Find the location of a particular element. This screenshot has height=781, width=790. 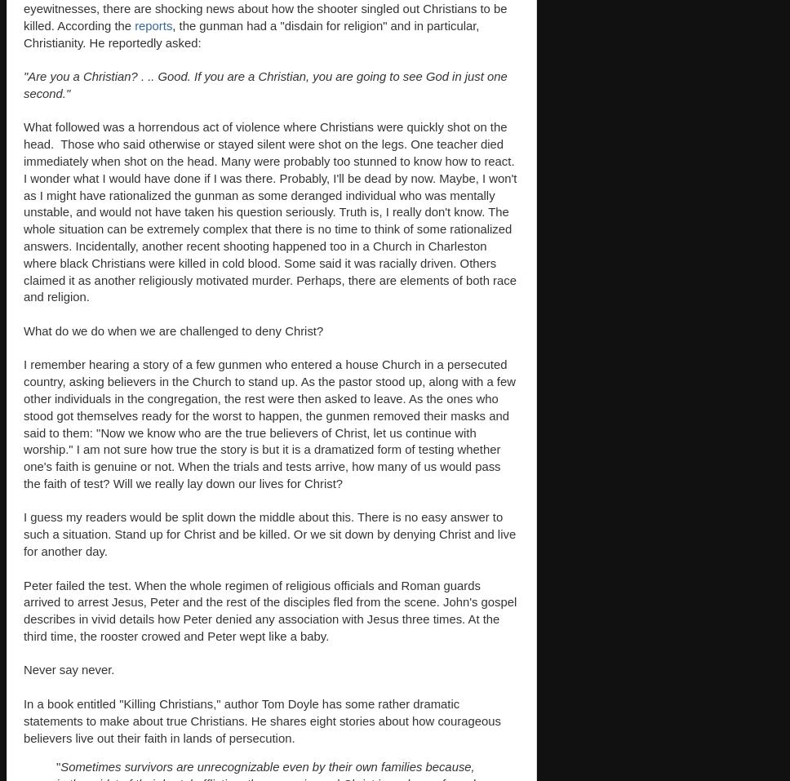

'Never say never.' is located at coordinates (24, 669).